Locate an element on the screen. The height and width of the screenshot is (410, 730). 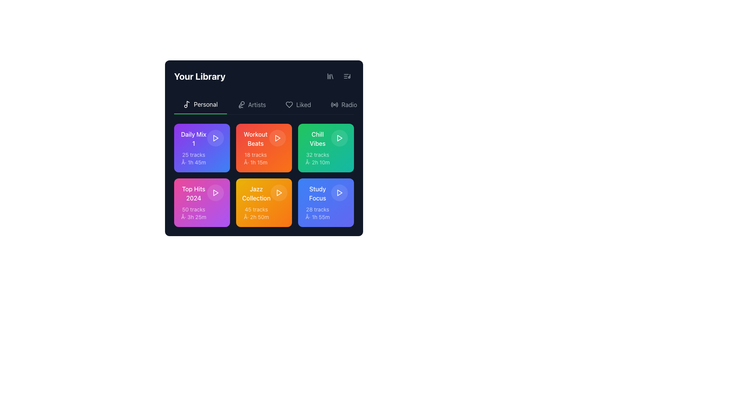
the circular button with a semi-transparent background and a white play icon to initiate playback is located at coordinates (277, 138).